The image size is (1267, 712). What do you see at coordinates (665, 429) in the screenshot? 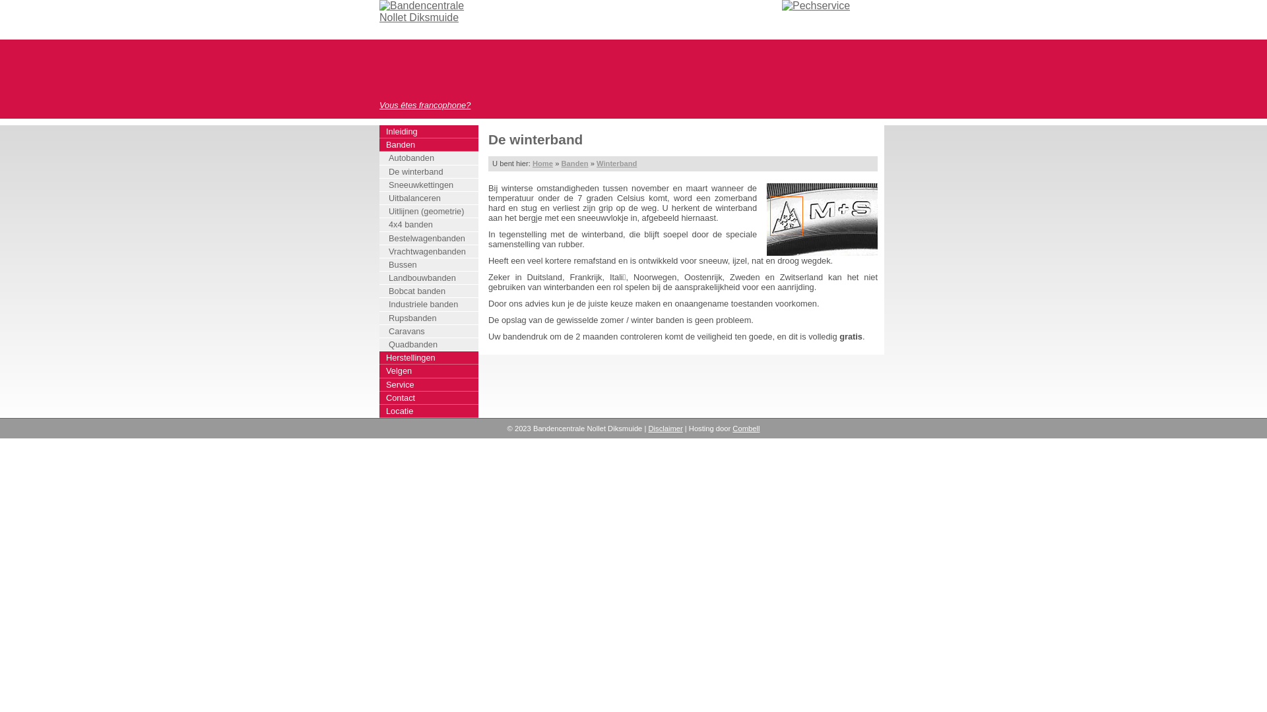
I see `'Disclaimer'` at bounding box center [665, 429].